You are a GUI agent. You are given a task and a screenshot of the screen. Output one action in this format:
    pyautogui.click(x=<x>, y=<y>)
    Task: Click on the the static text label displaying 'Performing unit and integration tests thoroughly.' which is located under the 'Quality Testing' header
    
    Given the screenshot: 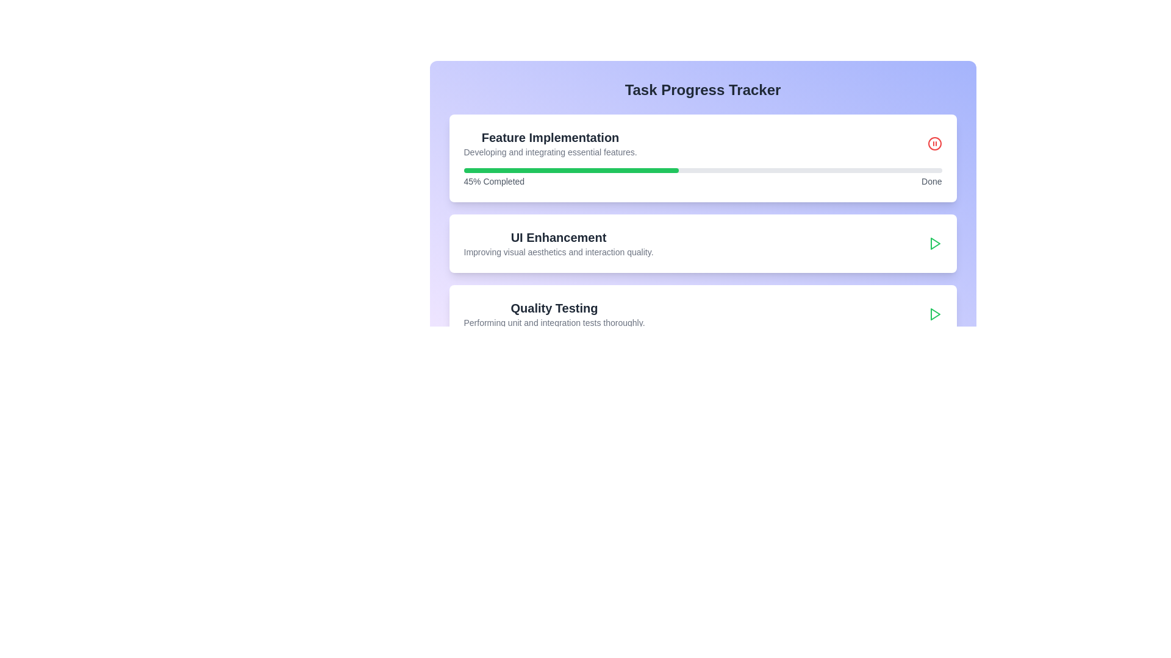 What is the action you would take?
    pyautogui.click(x=553, y=322)
    